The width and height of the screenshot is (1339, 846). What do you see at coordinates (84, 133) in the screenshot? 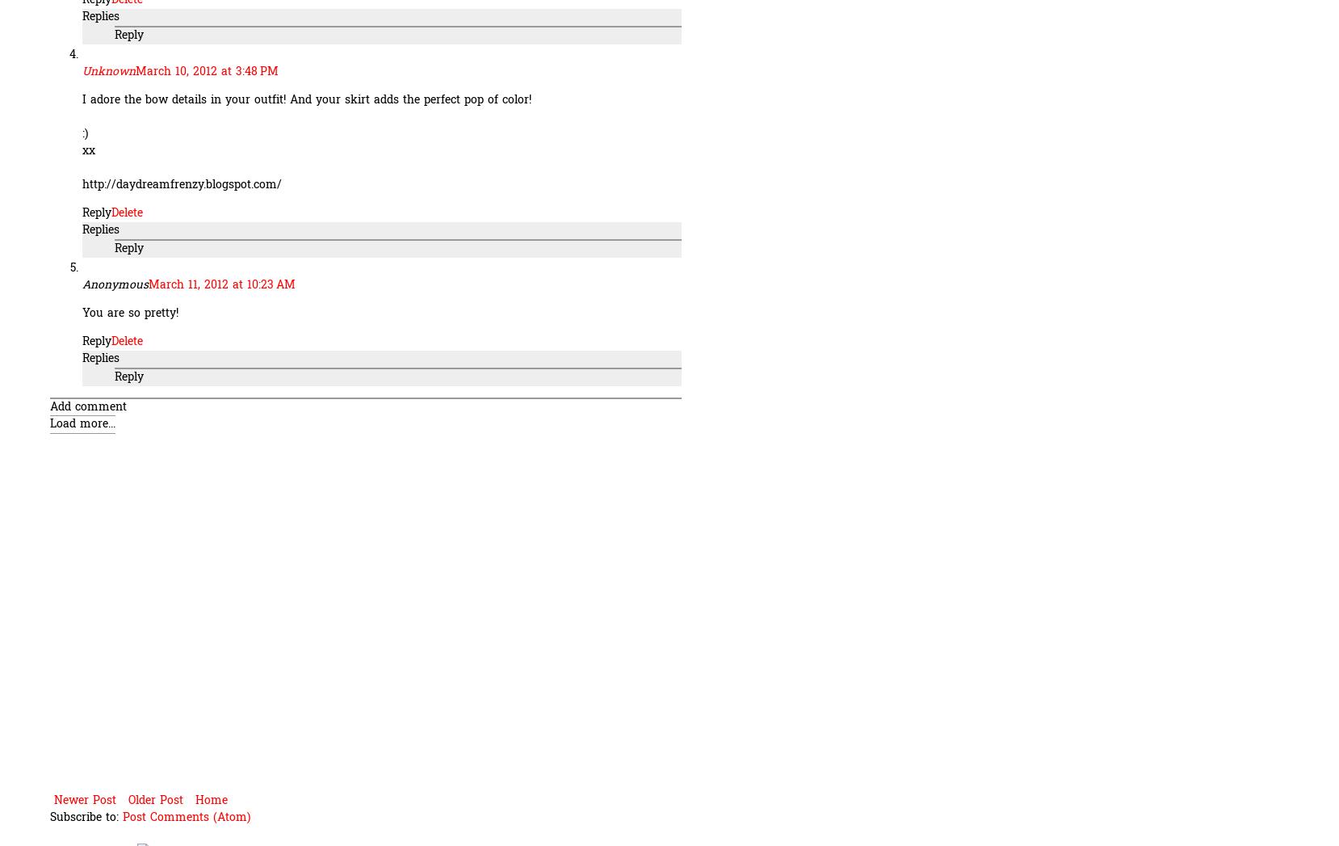
I see `':)'` at bounding box center [84, 133].